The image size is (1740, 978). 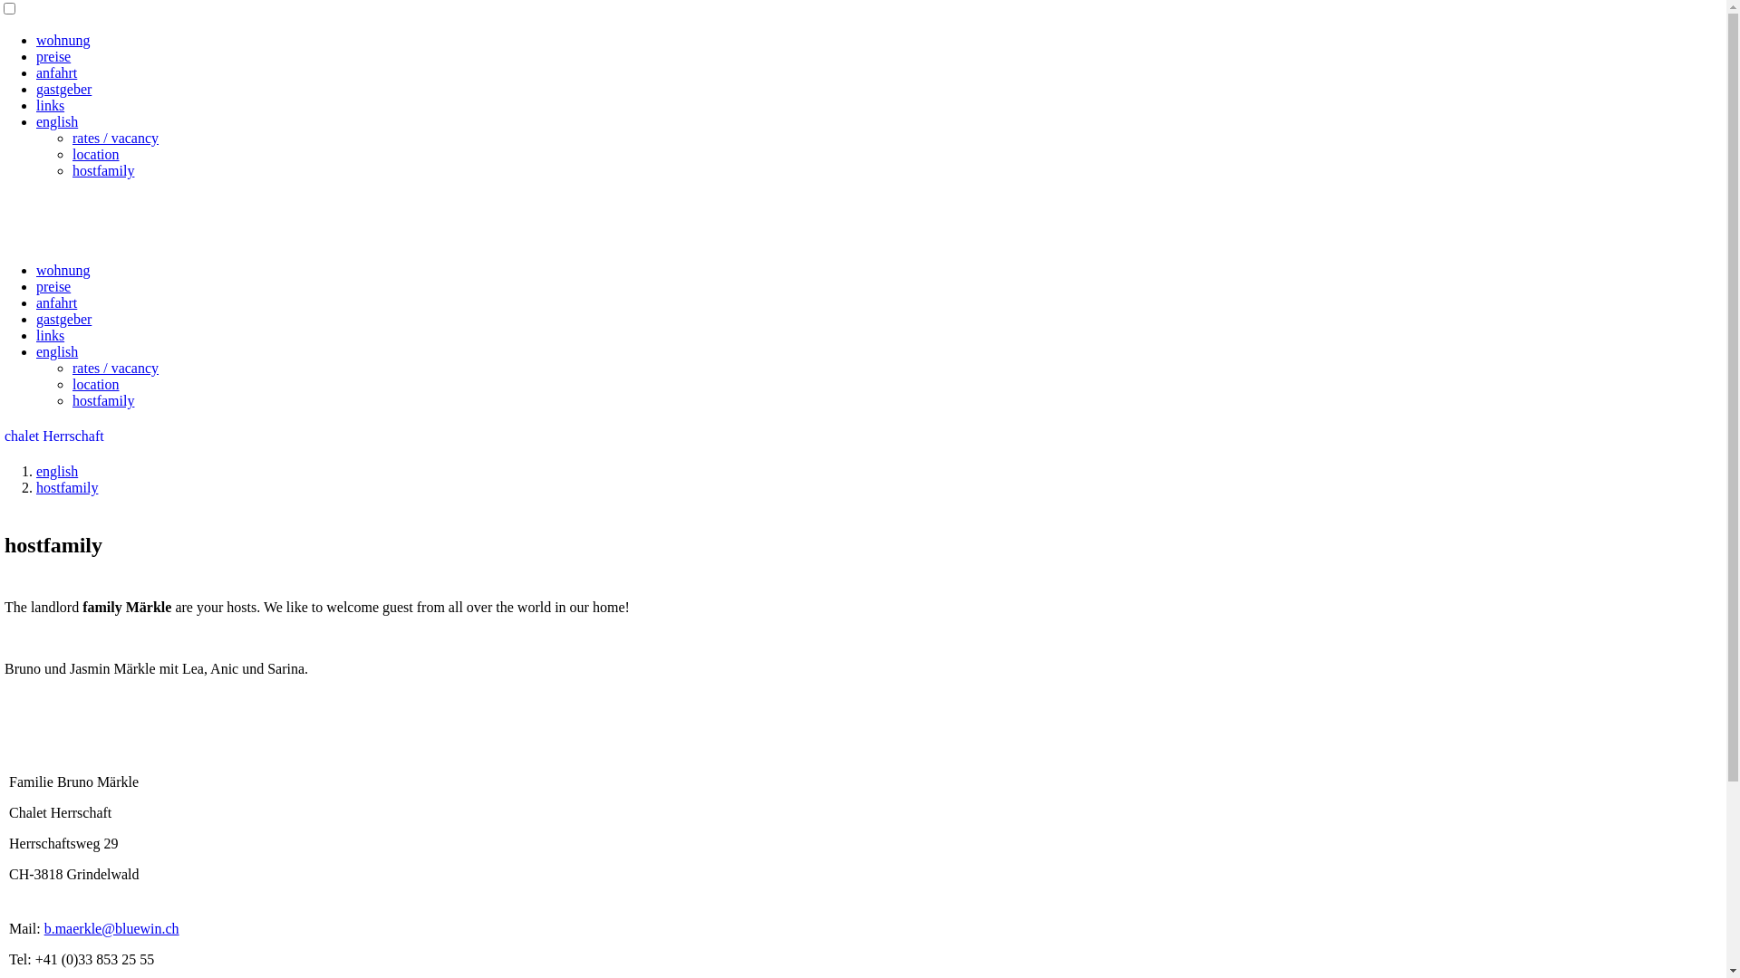 I want to click on 'links', so click(x=50, y=335).